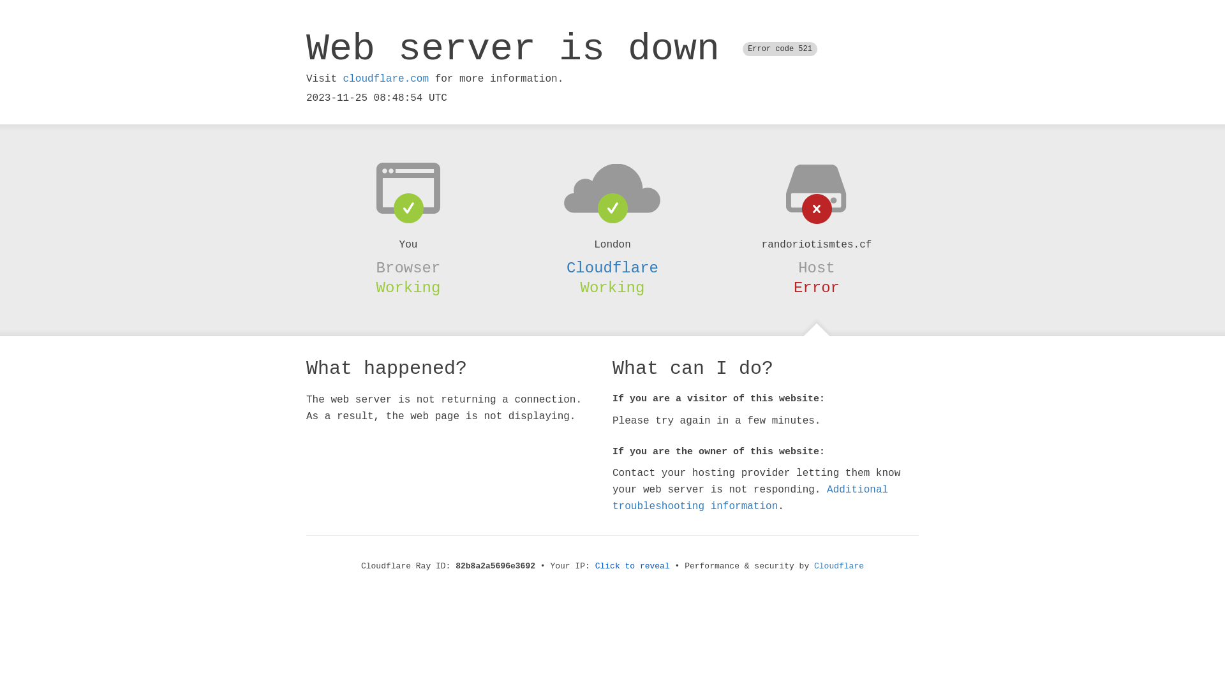 The height and width of the screenshot is (689, 1225). Describe the element at coordinates (385, 78) in the screenshot. I see `'cloudflare.com'` at that location.